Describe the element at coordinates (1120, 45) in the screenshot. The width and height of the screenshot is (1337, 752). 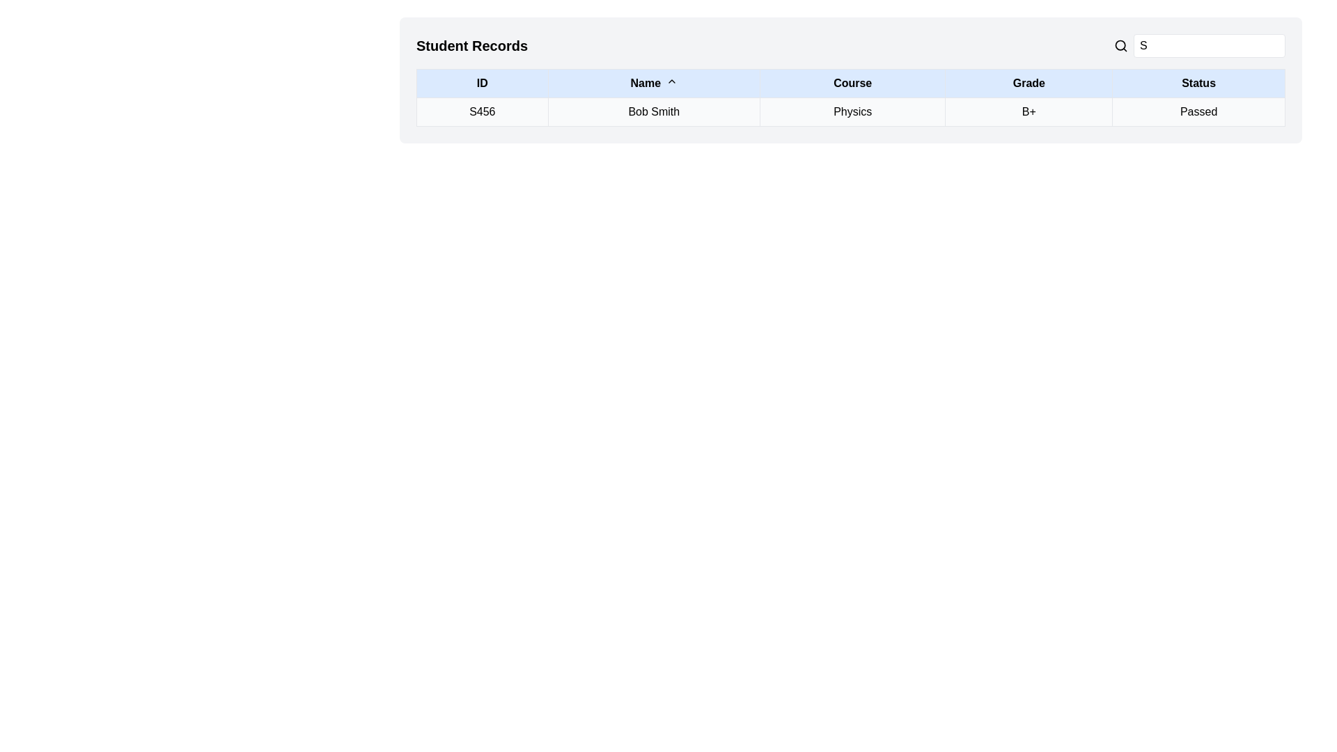
I see `the circular shape of the search icon located at the top-right corner of the interface, which represents the lens of the magnifying glass` at that location.